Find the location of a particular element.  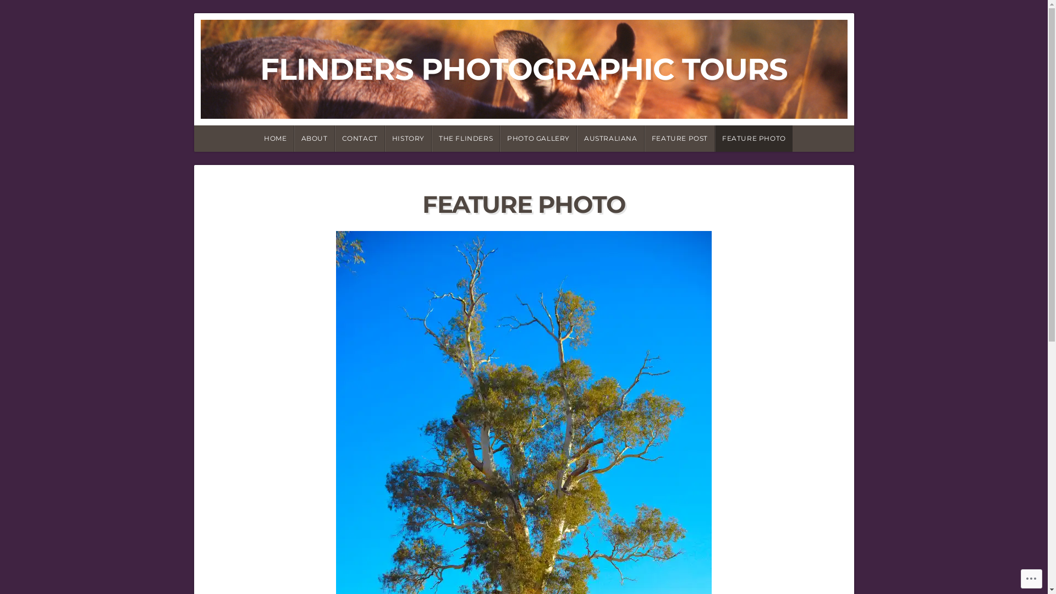

'PHOTO GALLERY' is located at coordinates (538, 137).